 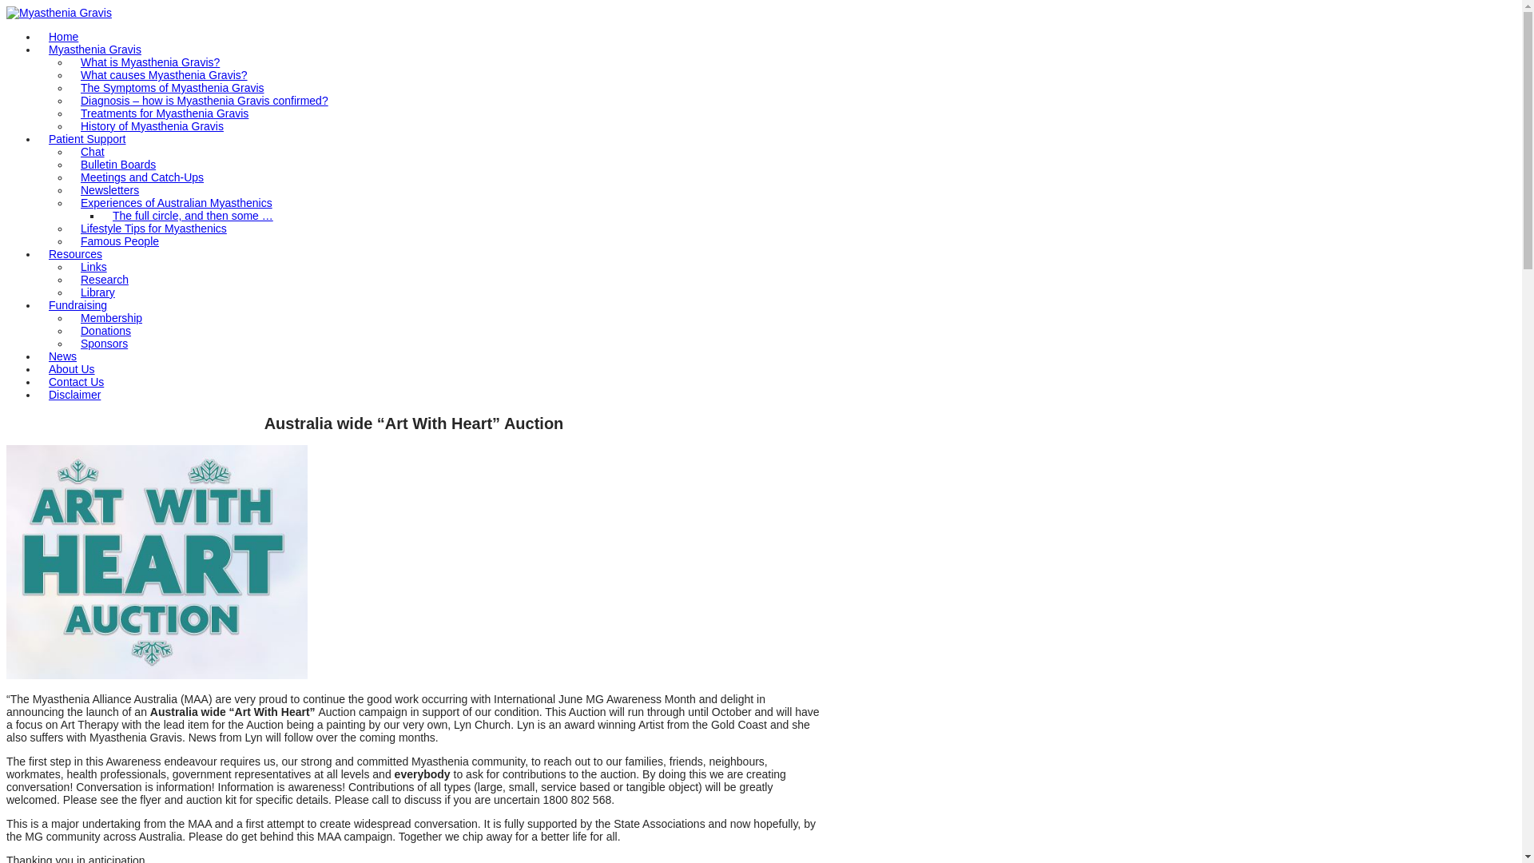 I want to click on 'What is Myasthenia Gravis?', so click(x=149, y=61).